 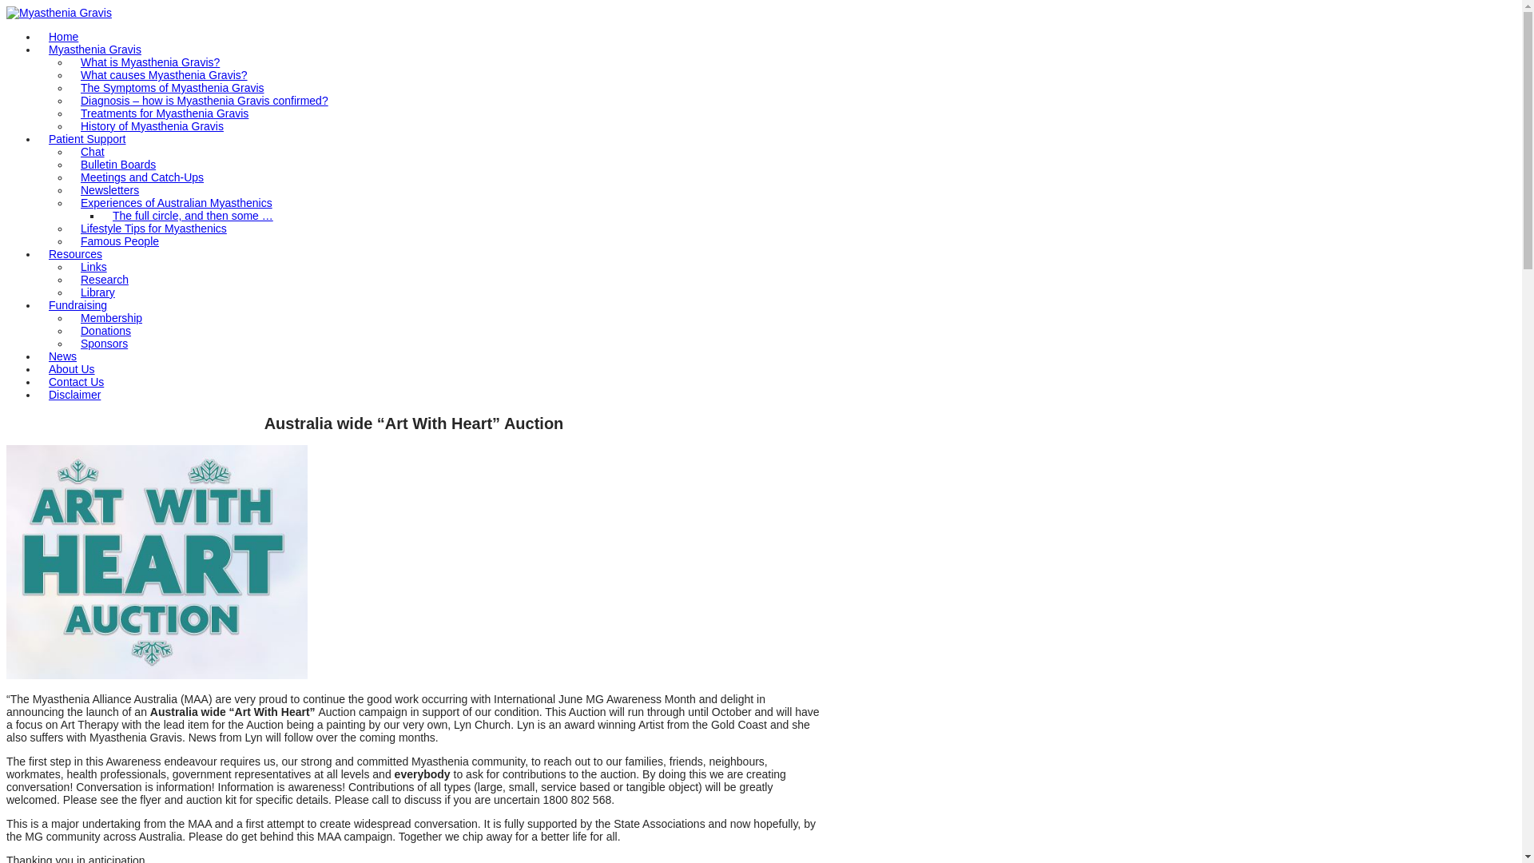 I want to click on 'What is Myasthenia Gravis?', so click(x=149, y=61).